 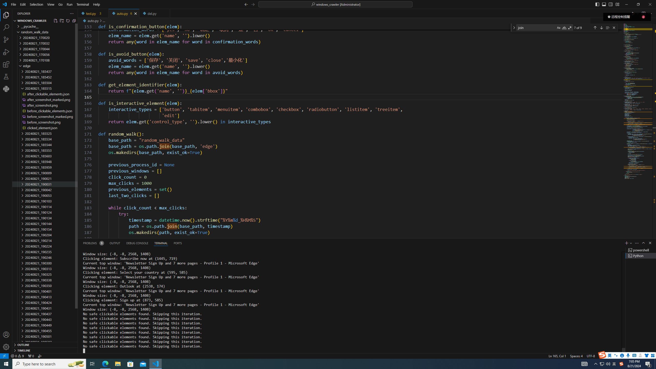 I want to click on 'Match Case (Alt+C)', so click(x=558, y=27).